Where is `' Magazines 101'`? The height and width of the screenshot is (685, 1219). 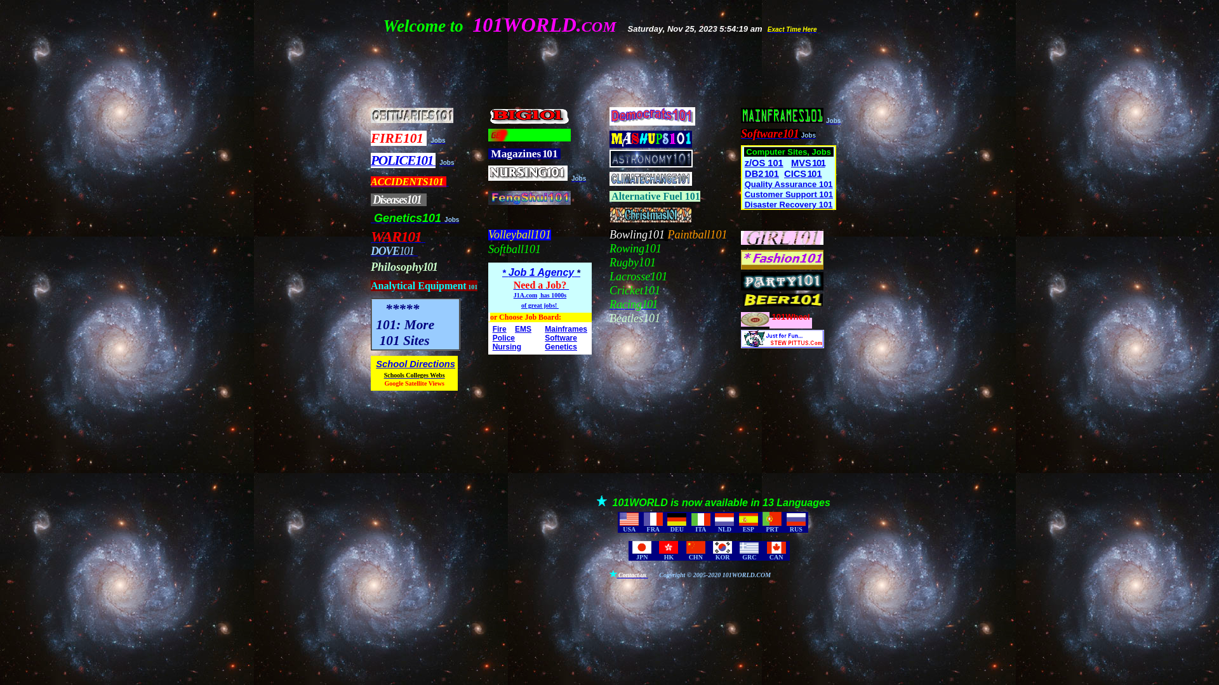
' Magazines 101' is located at coordinates (524, 153).